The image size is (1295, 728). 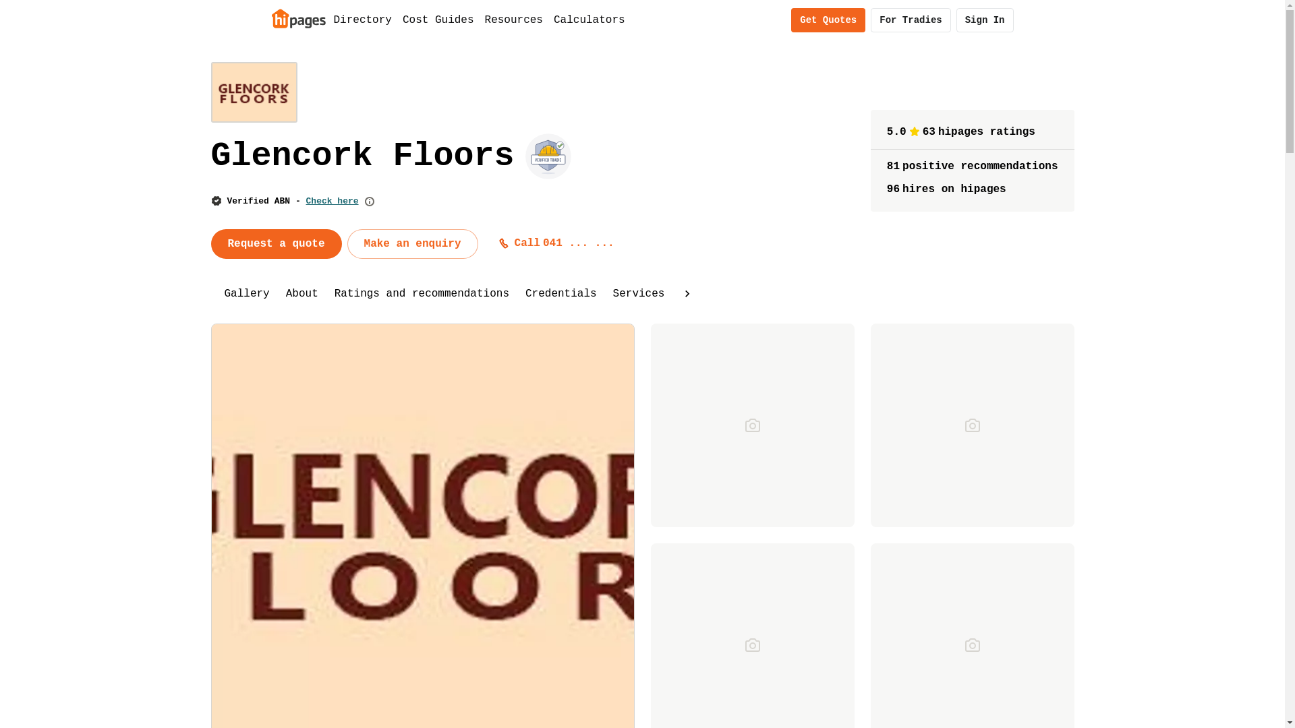 I want to click on 'Calculators', so click(x=589, y=20).